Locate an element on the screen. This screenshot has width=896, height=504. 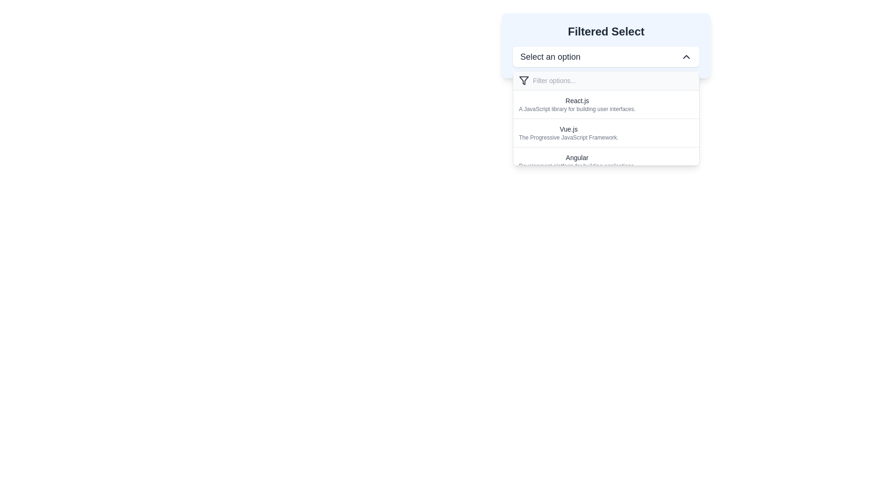
the triangular filter icon in the dropdown menu, which is rendered as an SVG element with a black outline and indicates filtering options is located at coordinates (524, 80).